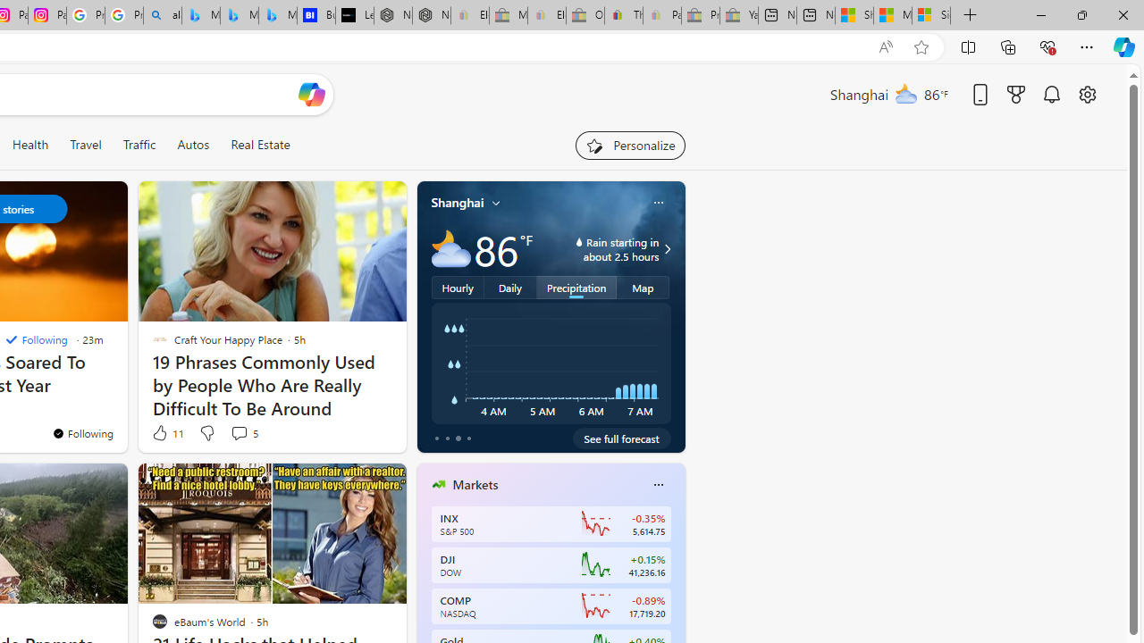 The width and height of the screenshot is (1144, 643). What do you see at coordinates (447, 438) in the screenshot?
I see `'tab-1'` at bounding box center [447, 438].